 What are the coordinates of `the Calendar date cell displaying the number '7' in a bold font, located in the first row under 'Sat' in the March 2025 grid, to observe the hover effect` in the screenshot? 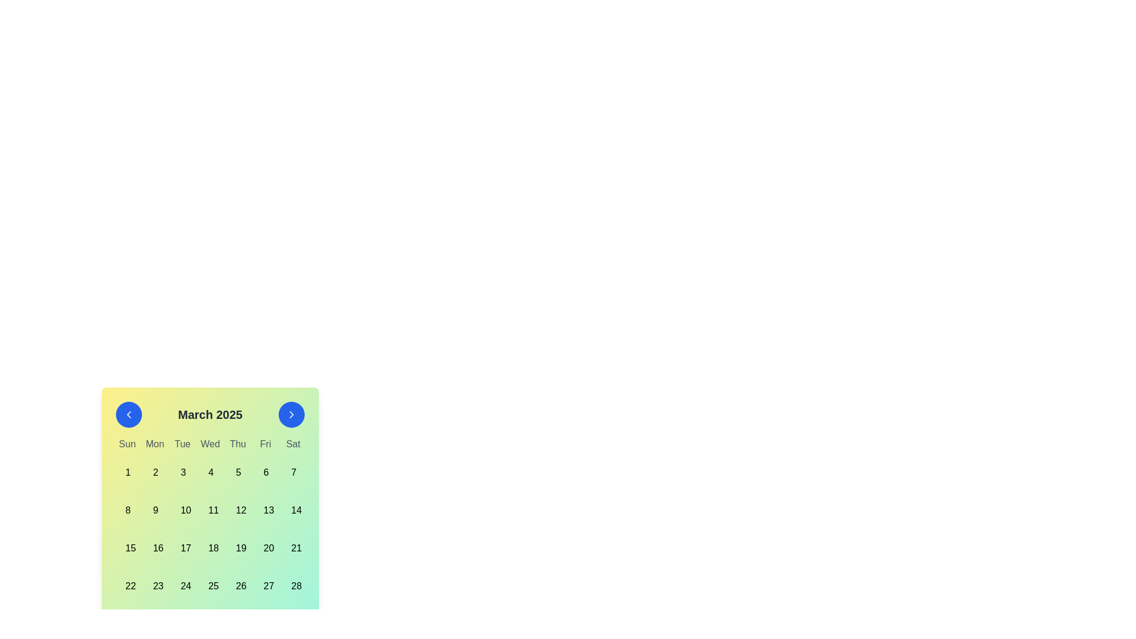 It's located at (293, 472).